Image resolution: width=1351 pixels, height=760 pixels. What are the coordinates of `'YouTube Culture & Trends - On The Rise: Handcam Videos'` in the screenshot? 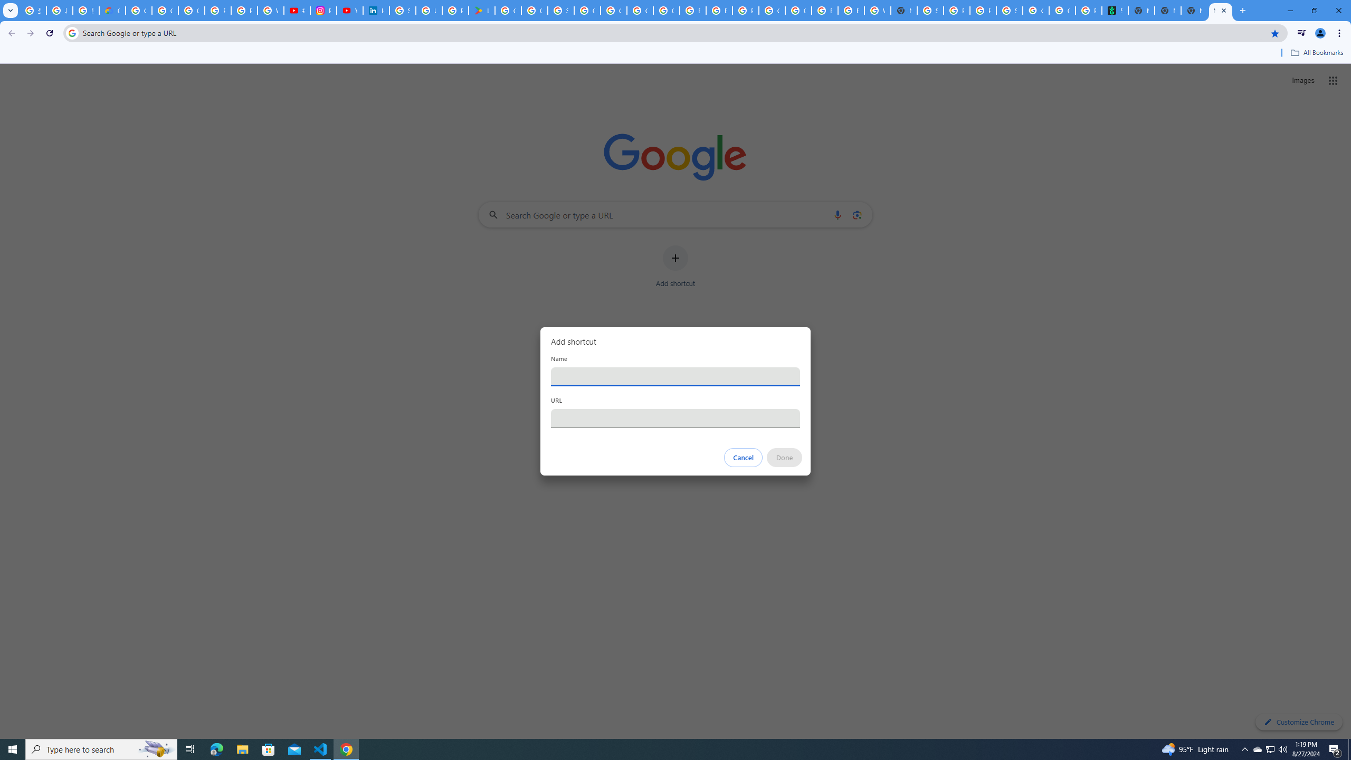 It's located at (350, 10).